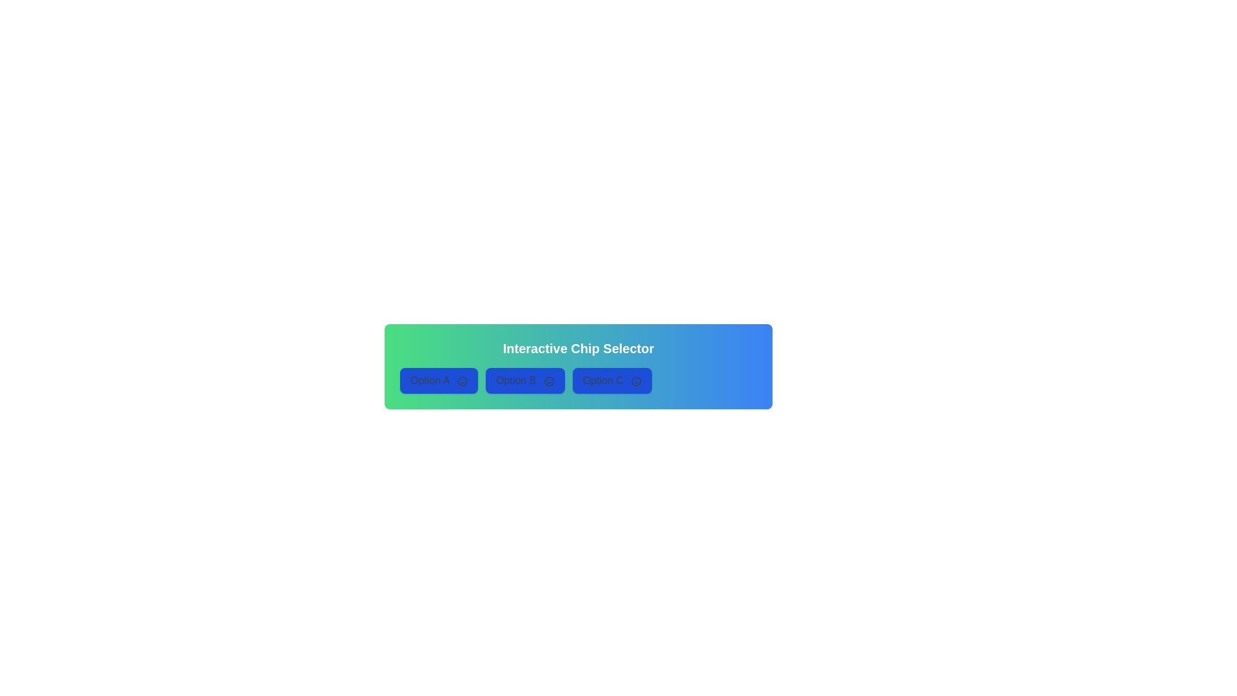 The height and width of the screenshot is (696, 1237). What do you see at coordinates (439, 380) in the screenshot?
I see `the option Option A by clicking on its respective button` at bounding box center [439, 380].